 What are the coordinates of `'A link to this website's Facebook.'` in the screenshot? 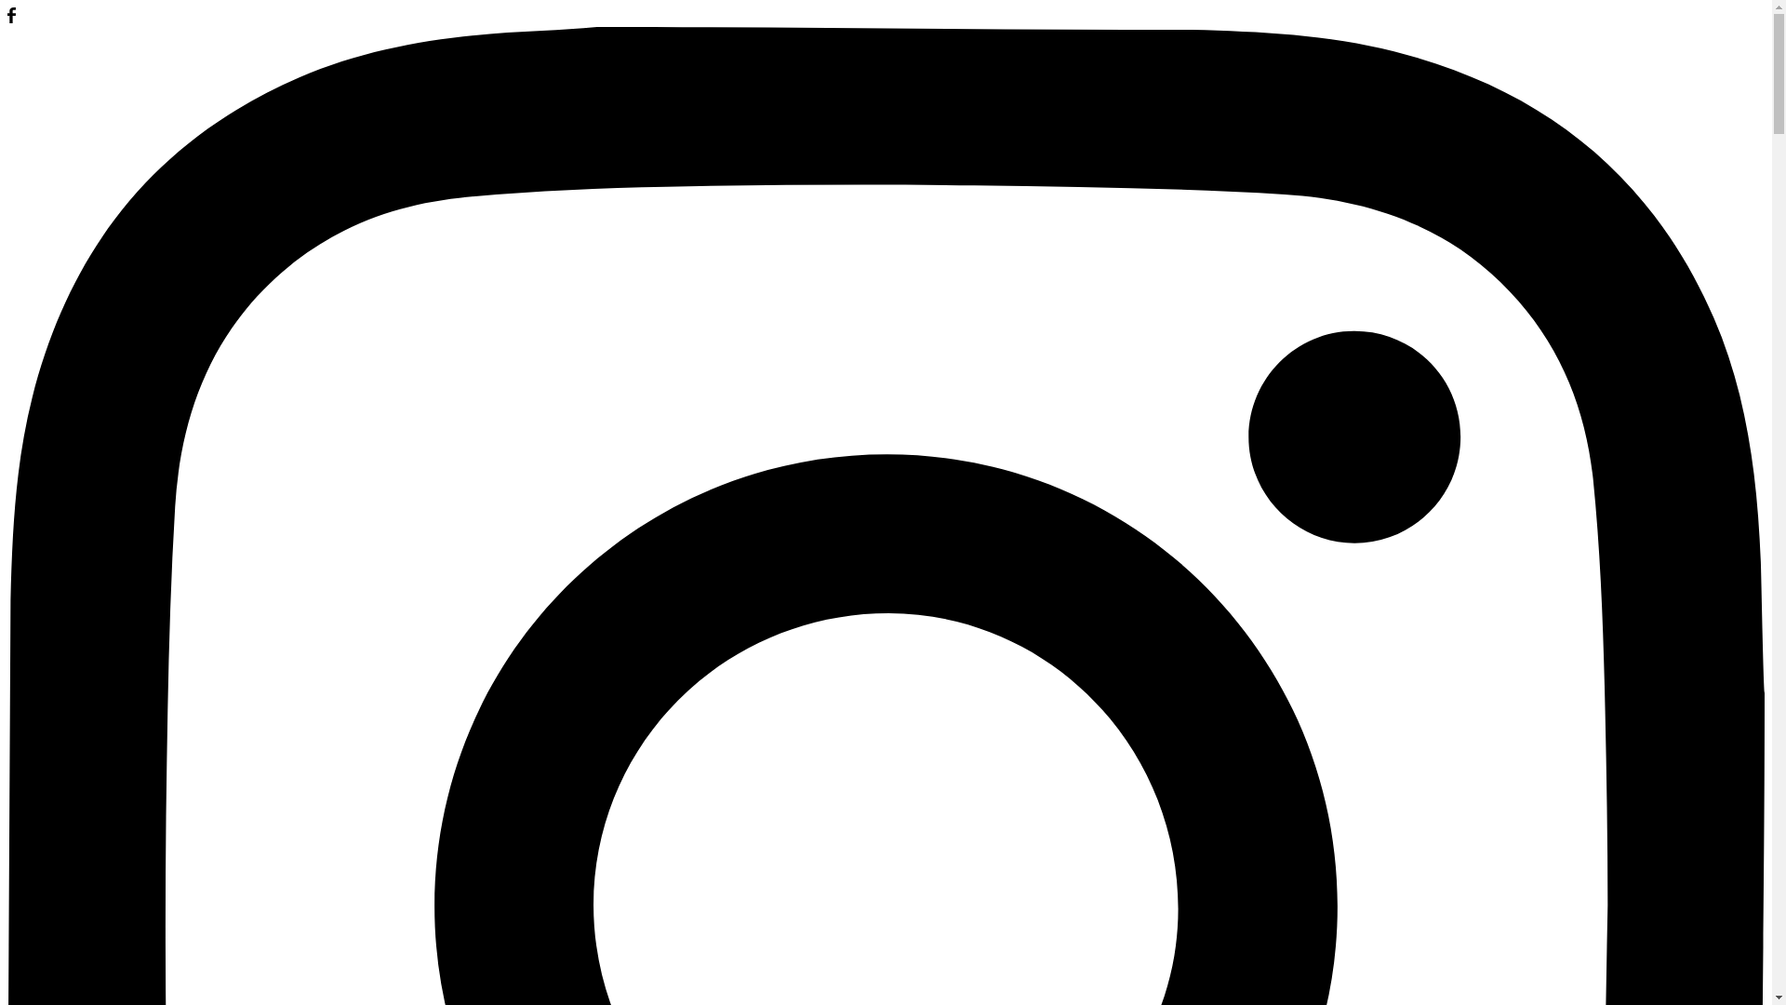 It's located at (11, 18).